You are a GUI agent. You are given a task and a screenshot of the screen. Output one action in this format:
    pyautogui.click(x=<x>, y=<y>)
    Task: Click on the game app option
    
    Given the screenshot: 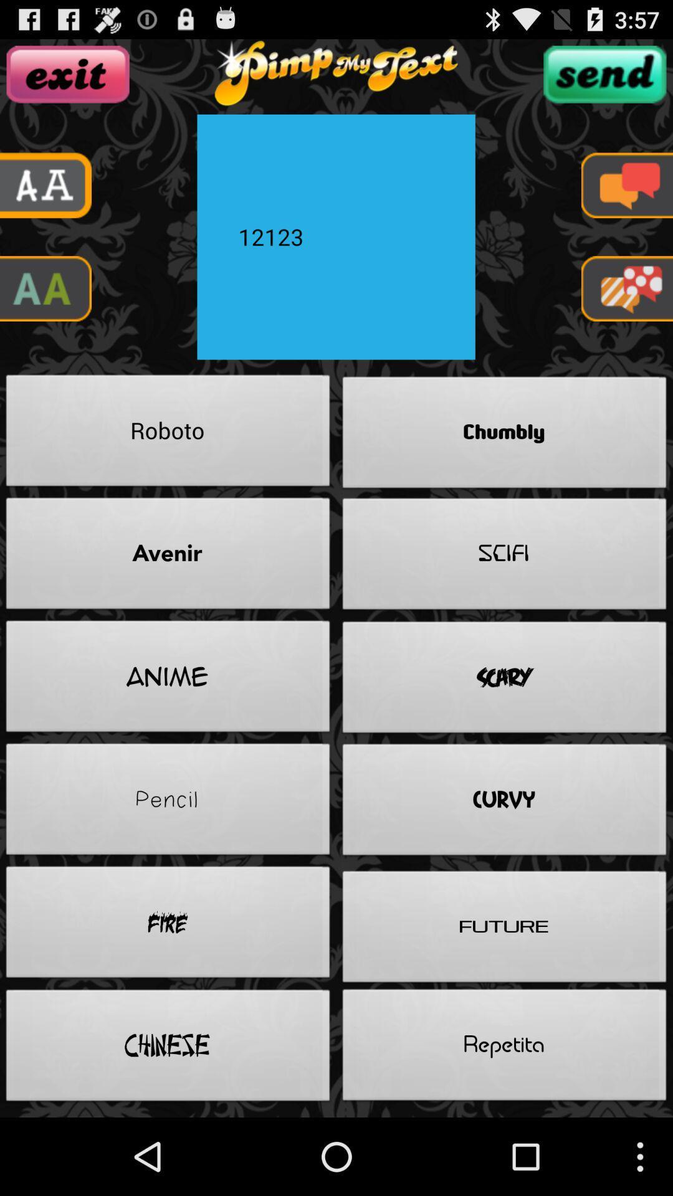 What is the action you would take?
    pyautogui.click(x=627, y=288)
    